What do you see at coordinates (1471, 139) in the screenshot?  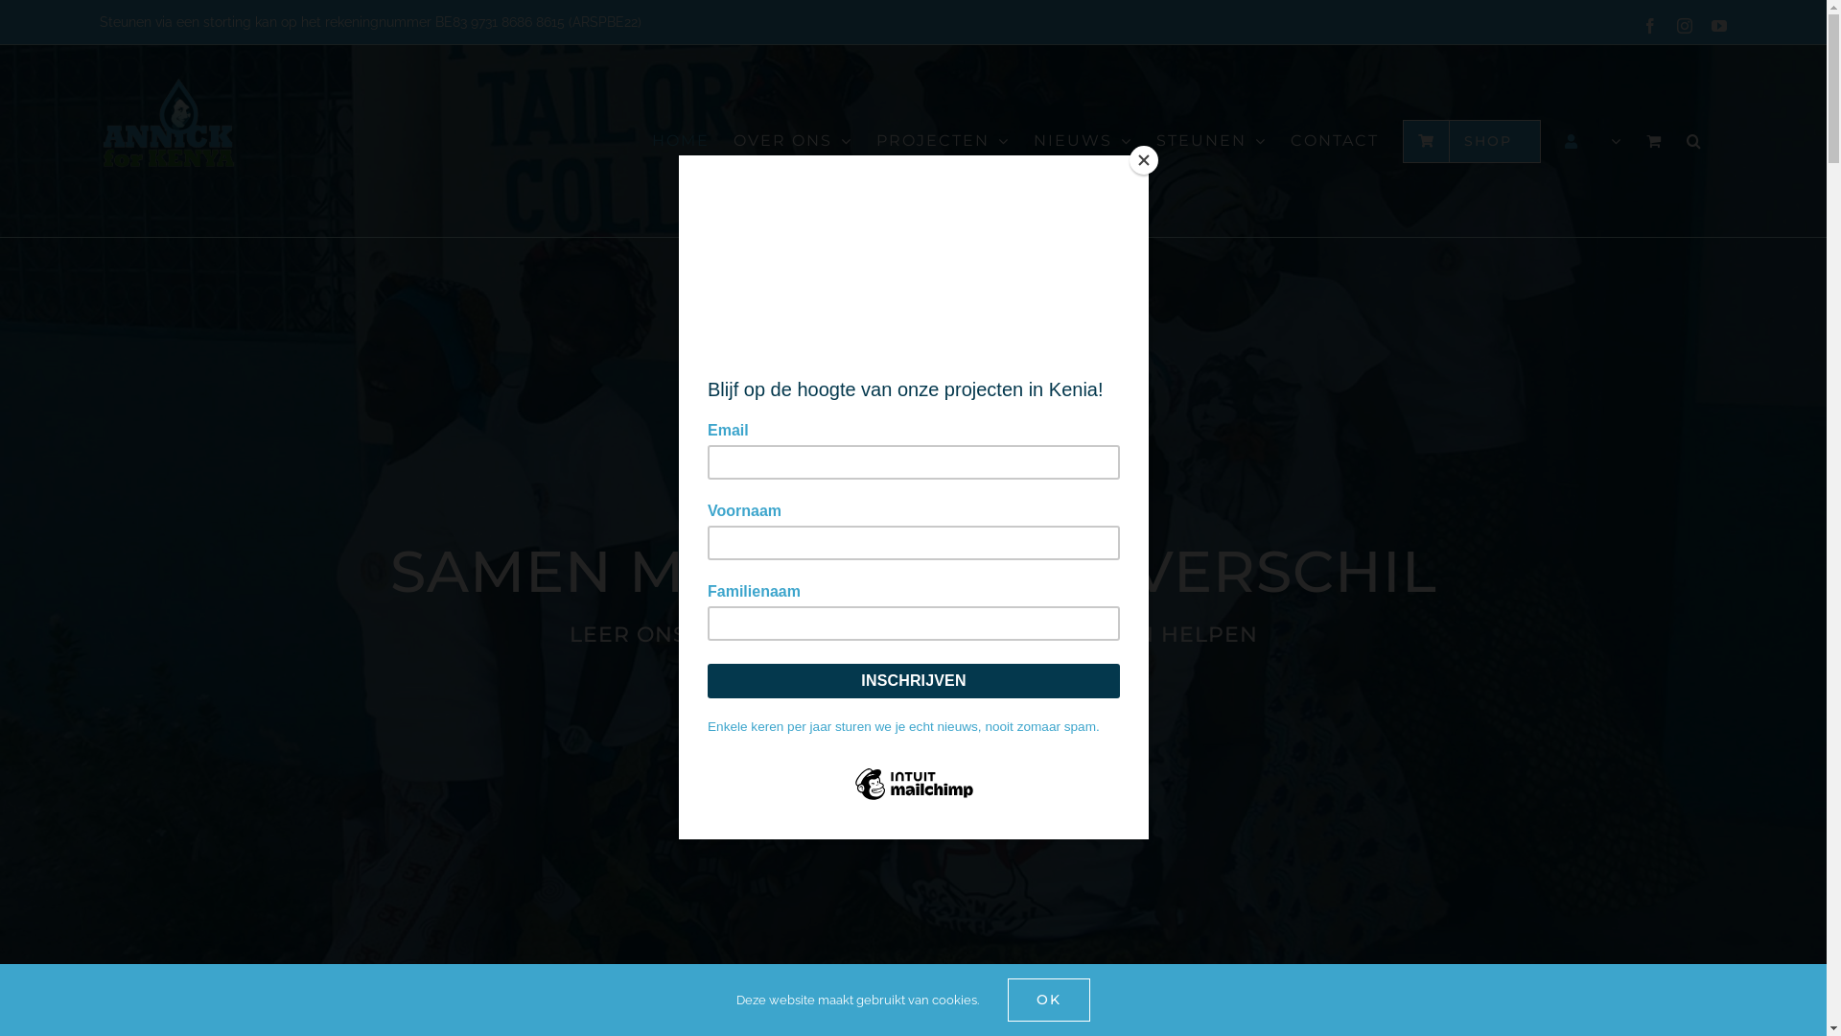 I see `'SHOP'` at bounding box center [1471, 139].